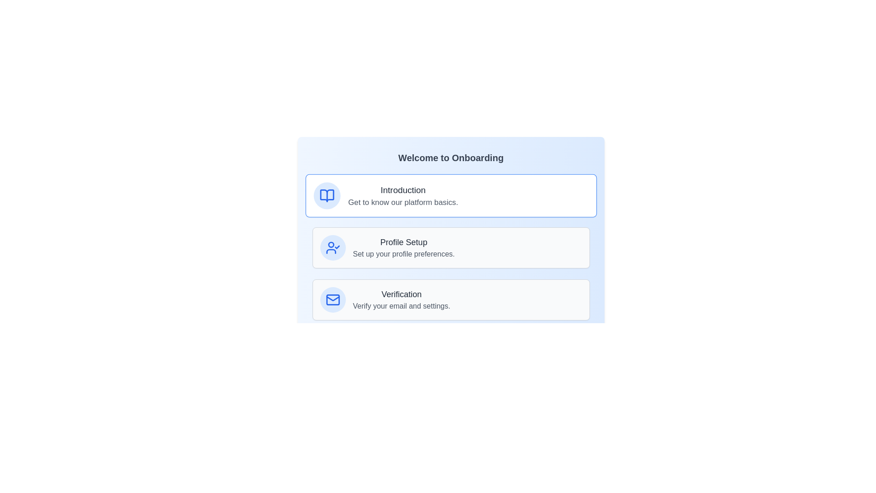 The width and height of the screenshot is (876, 493). Describe the element at coordinates (403, 248) in the screenshot. I see `the 'Profile Setup' text block, which contains the title 'Profile Setup' in bold and the subtitle 'Set up your profile preferences.'` at that location.